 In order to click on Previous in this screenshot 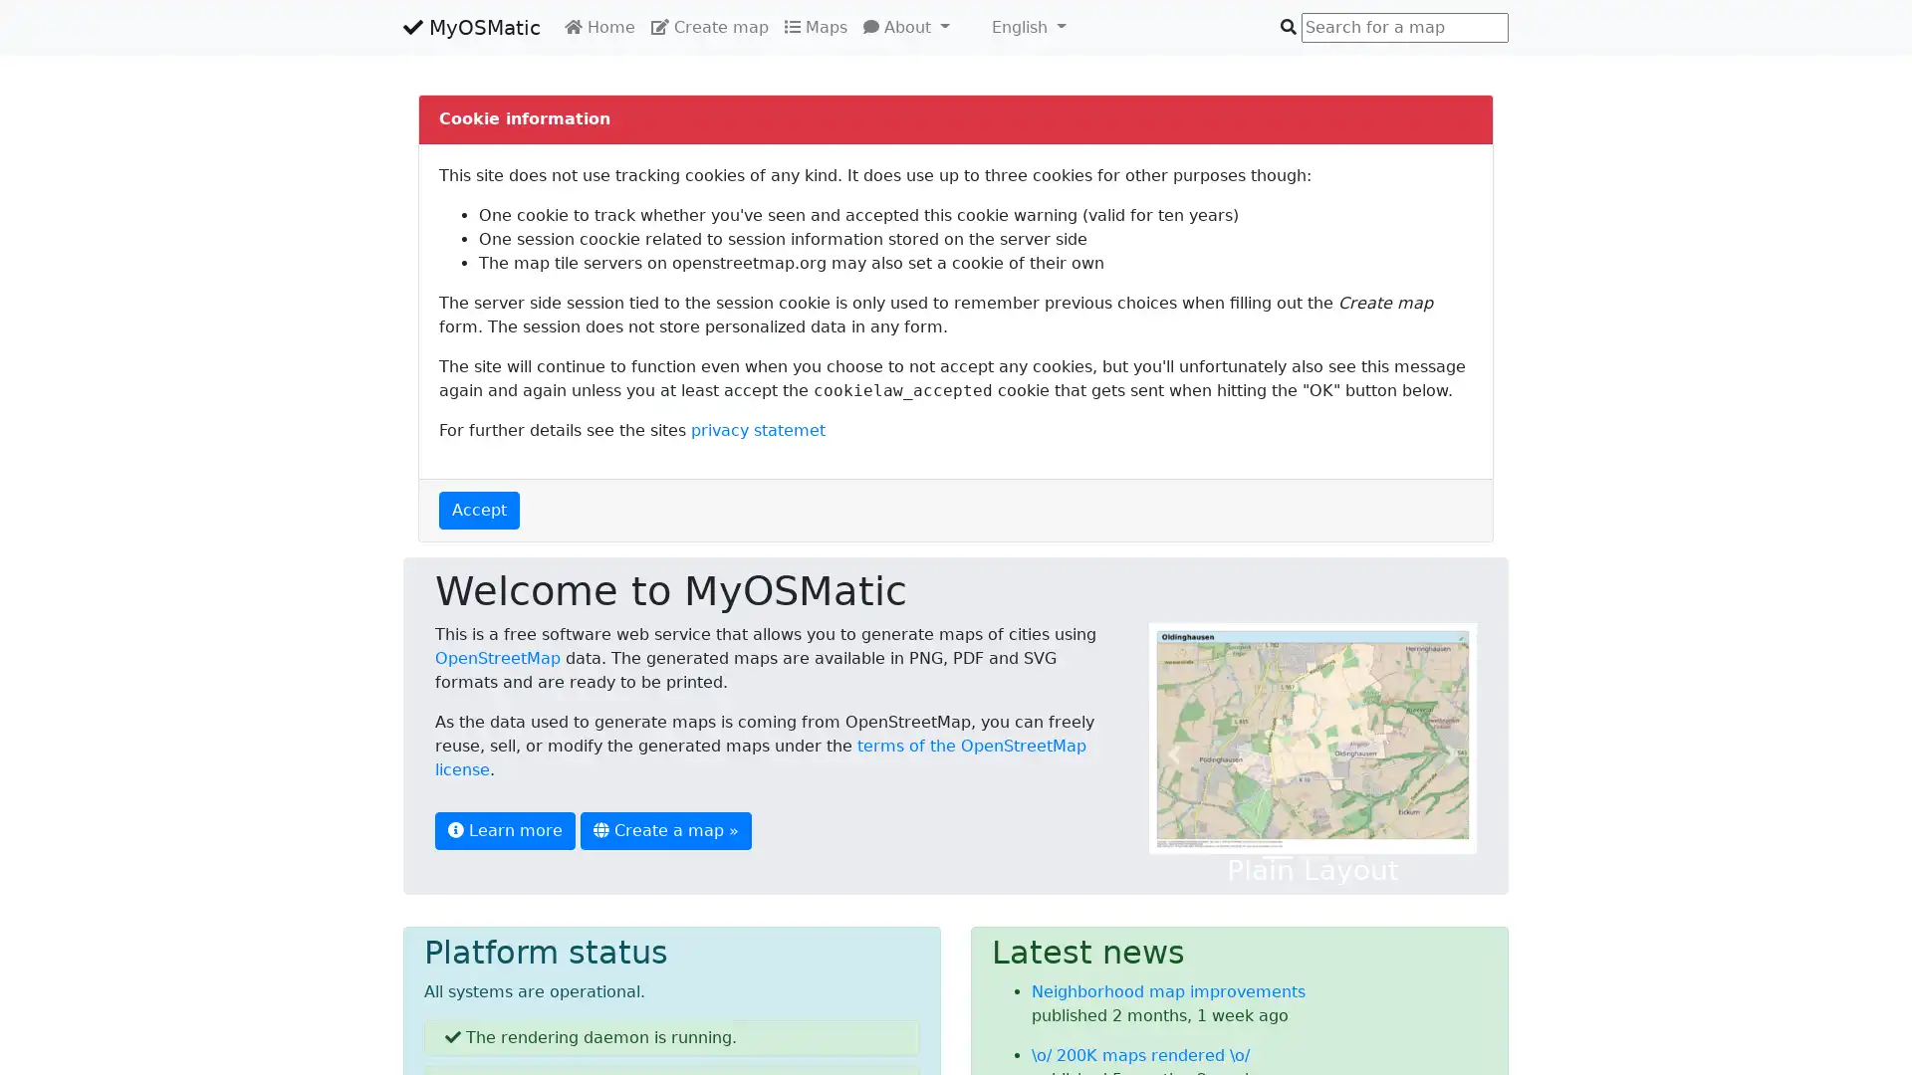, I will do `click(1173, 754)`.